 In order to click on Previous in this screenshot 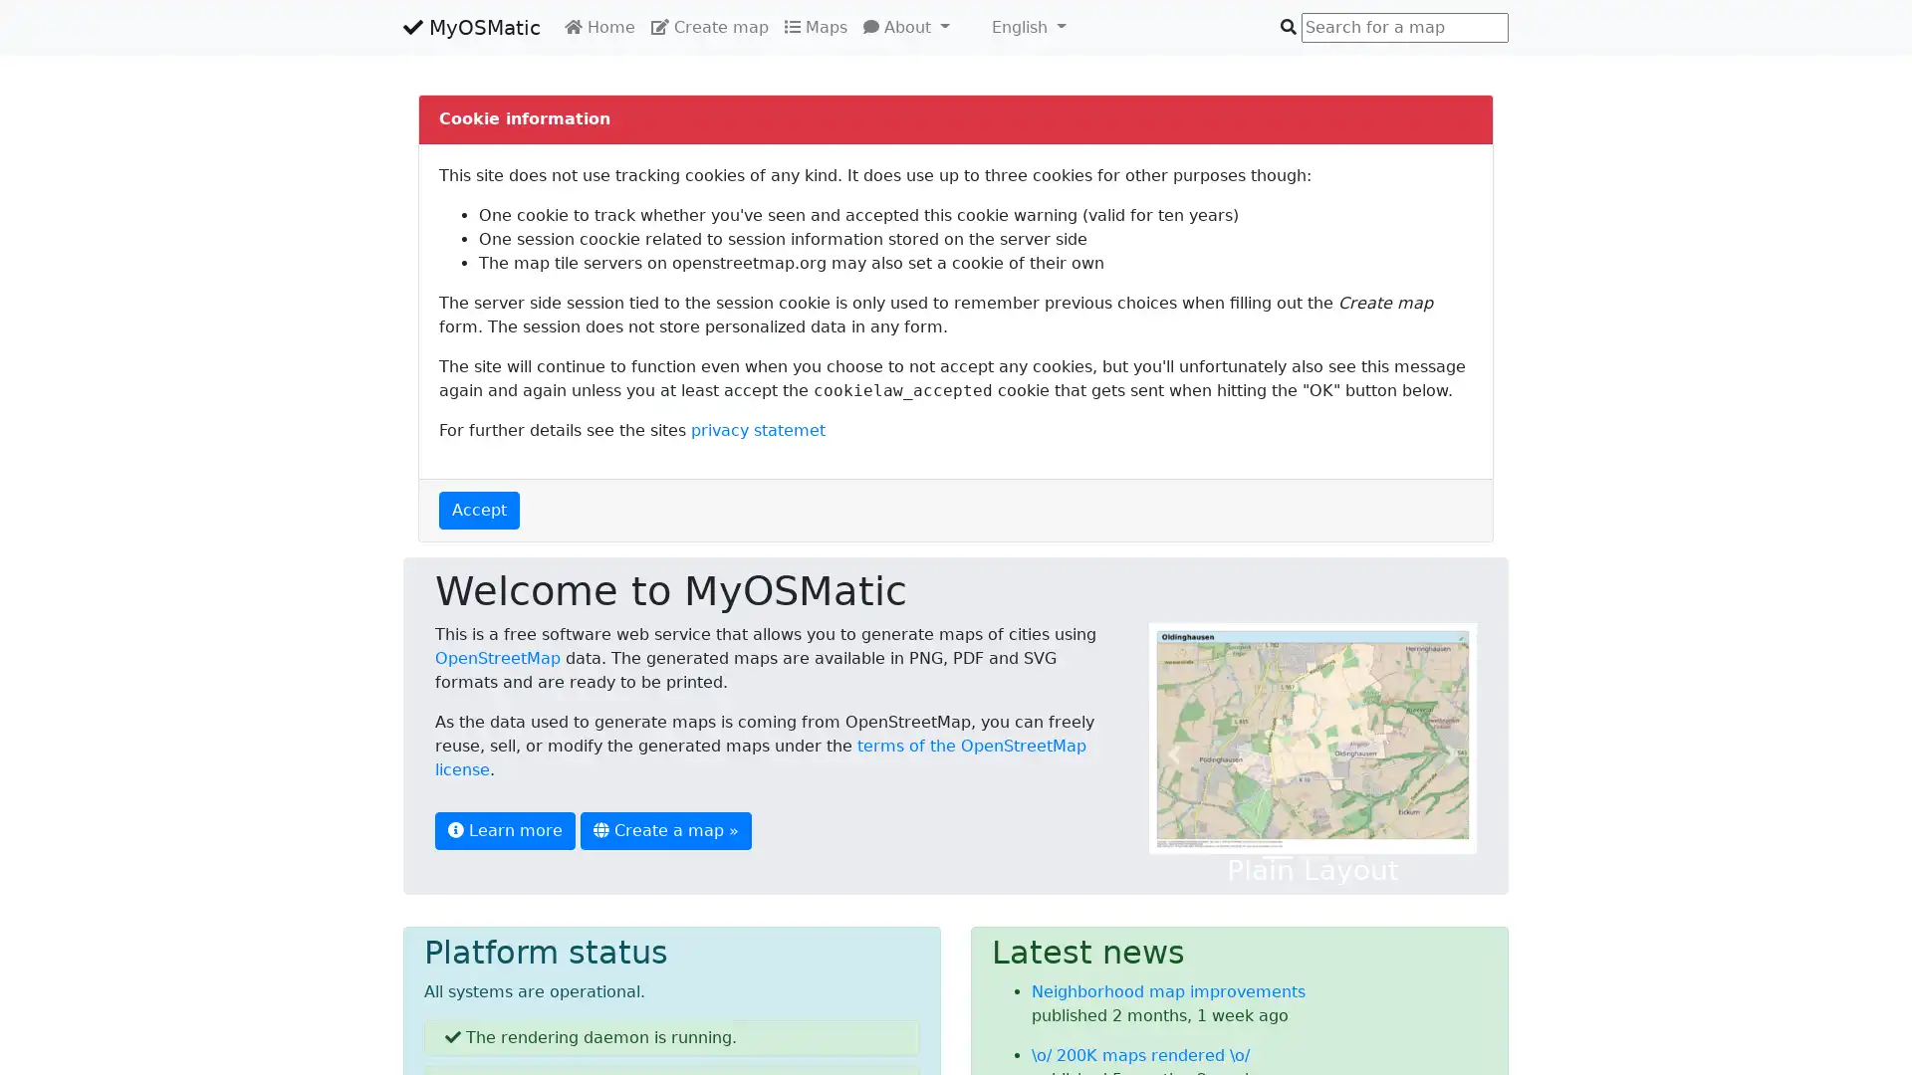, I will do `click(1173, 754)`.